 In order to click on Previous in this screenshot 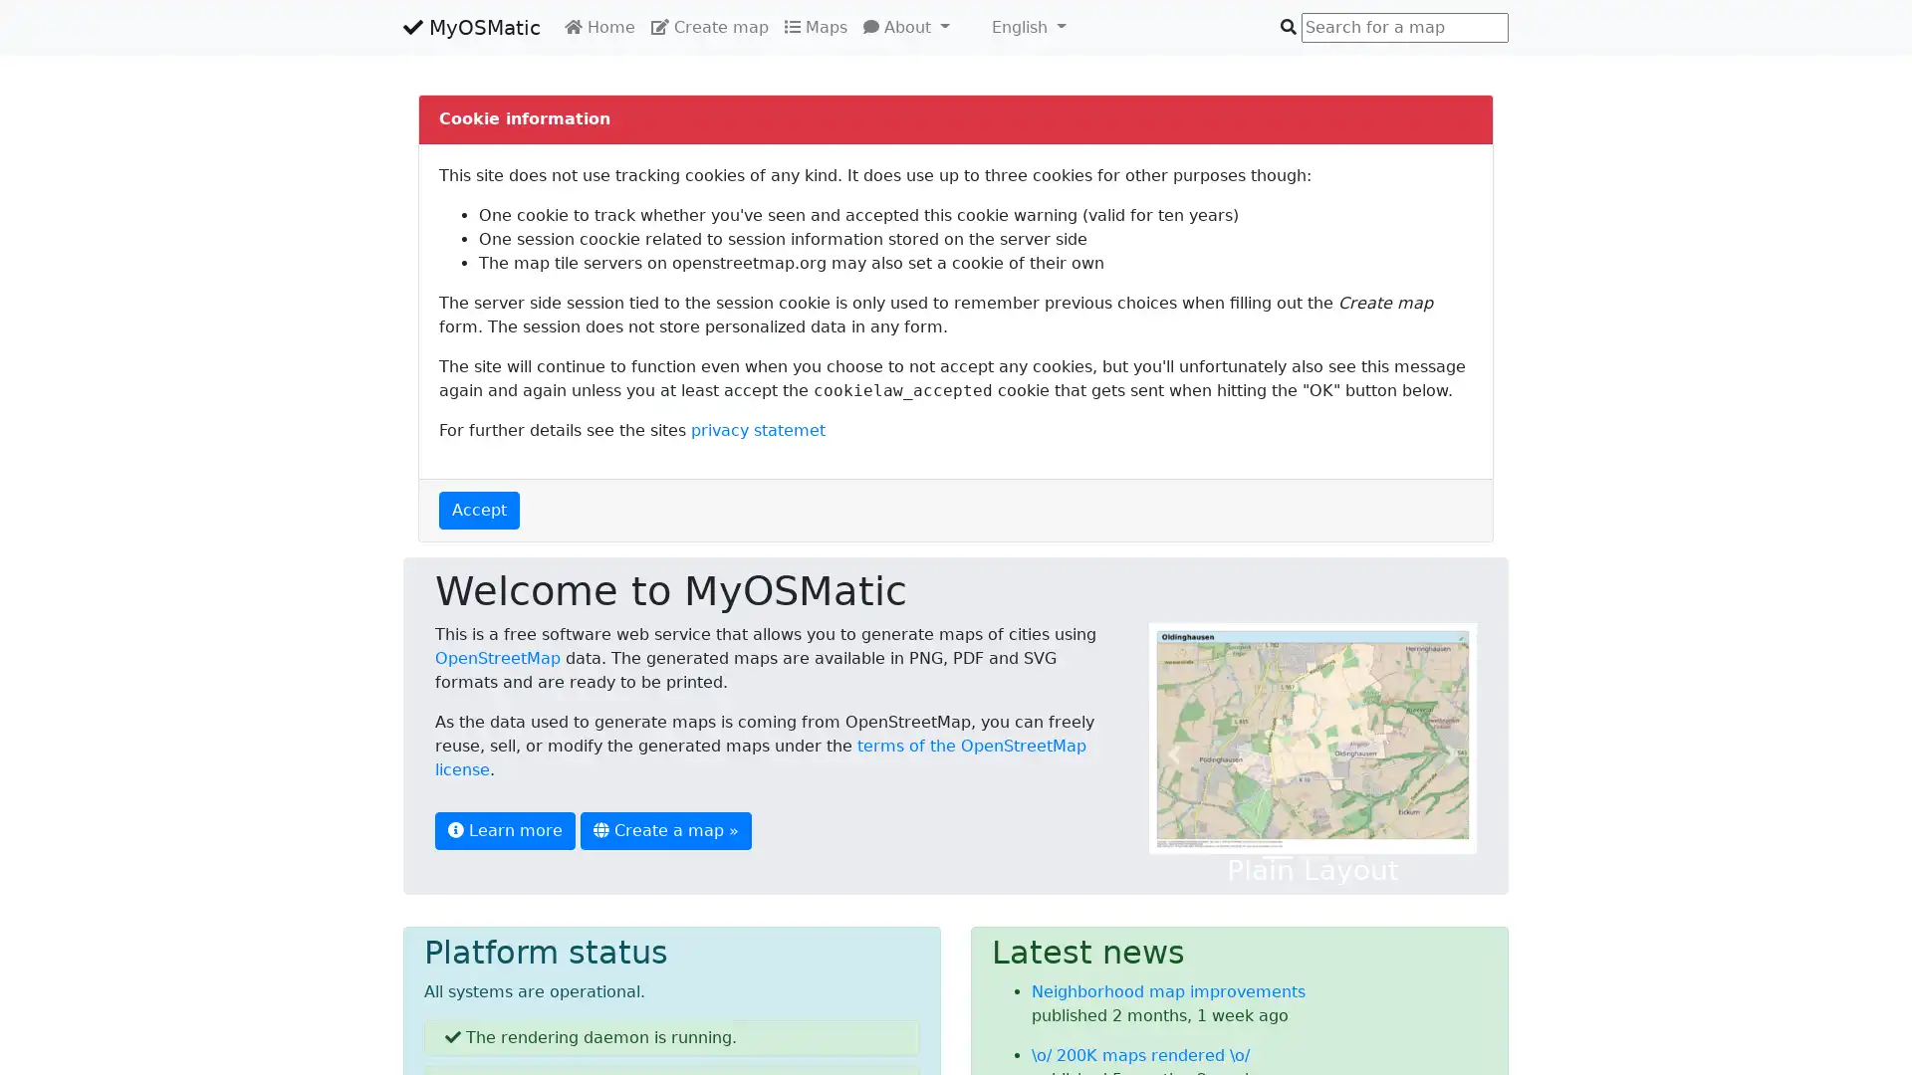, I will do `click(1173, 754)`.